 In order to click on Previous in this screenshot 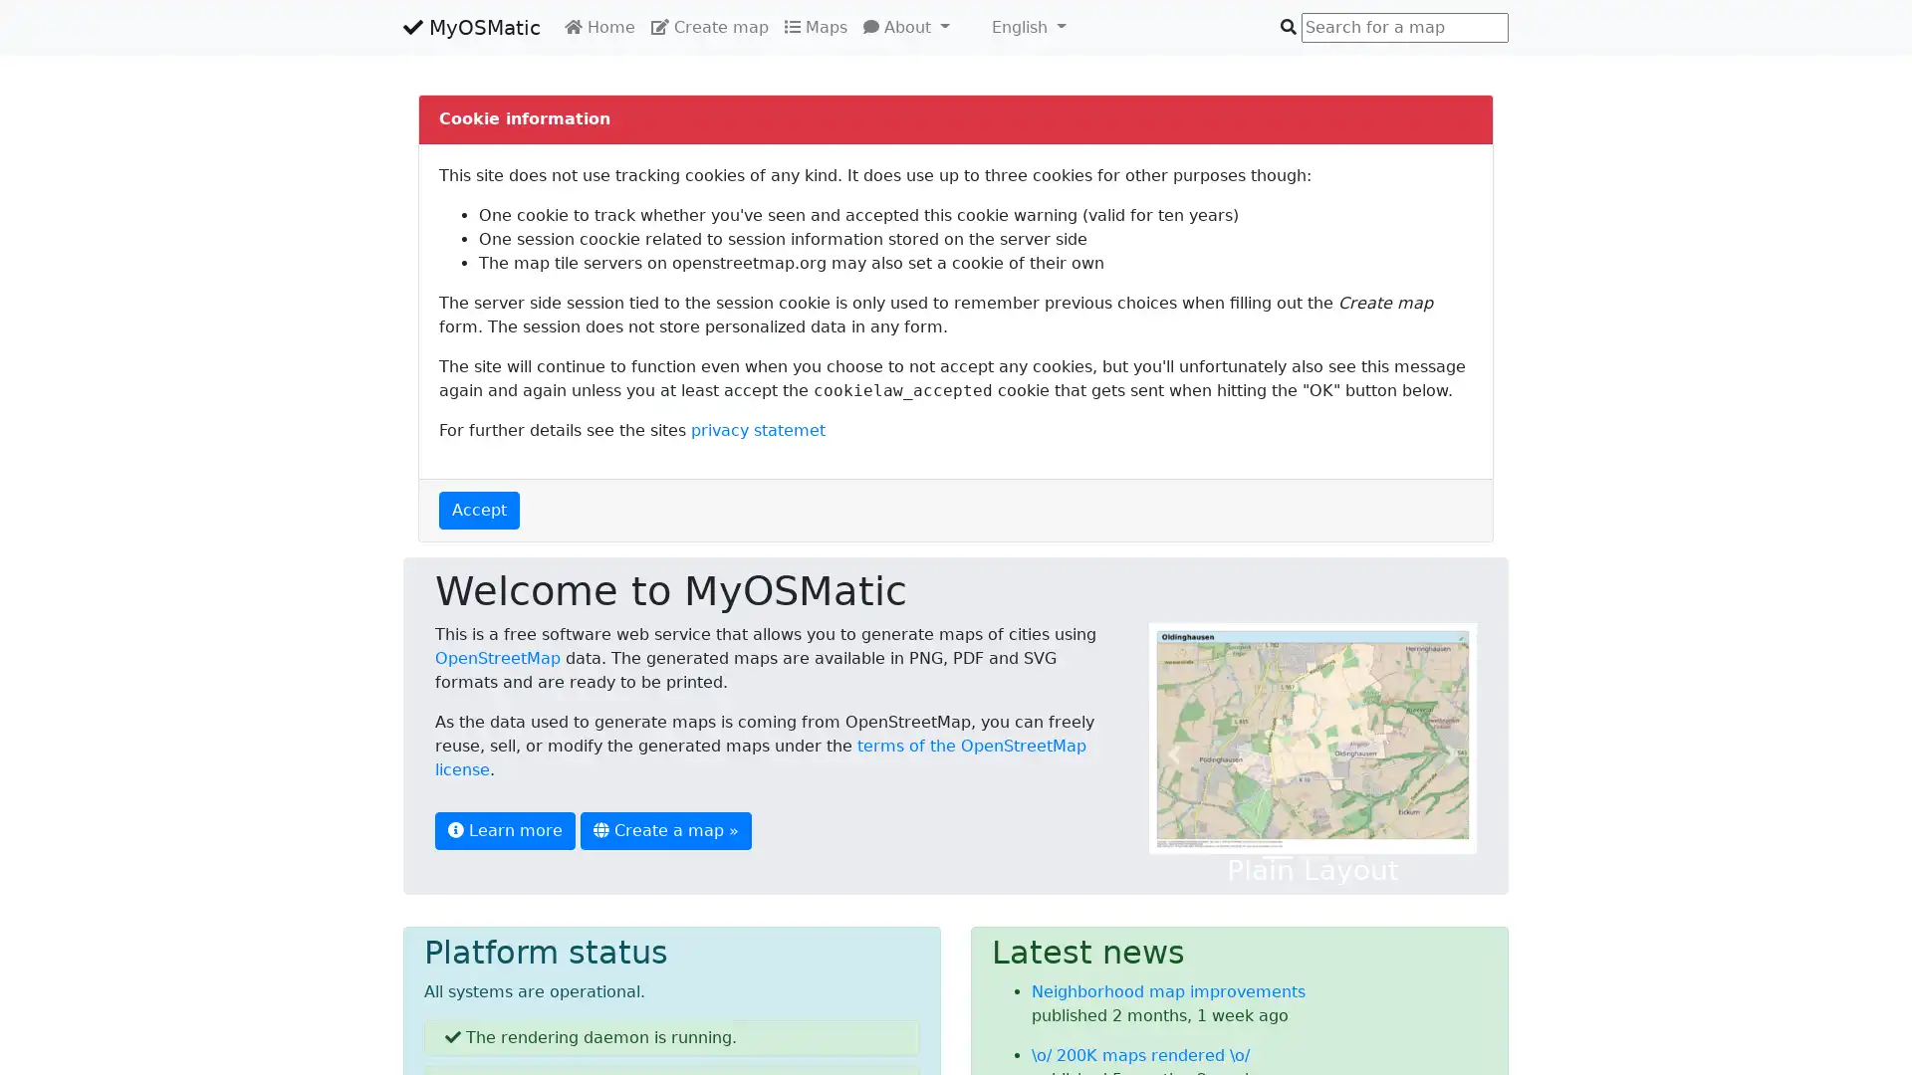, I will do `click(1173, 754)`.